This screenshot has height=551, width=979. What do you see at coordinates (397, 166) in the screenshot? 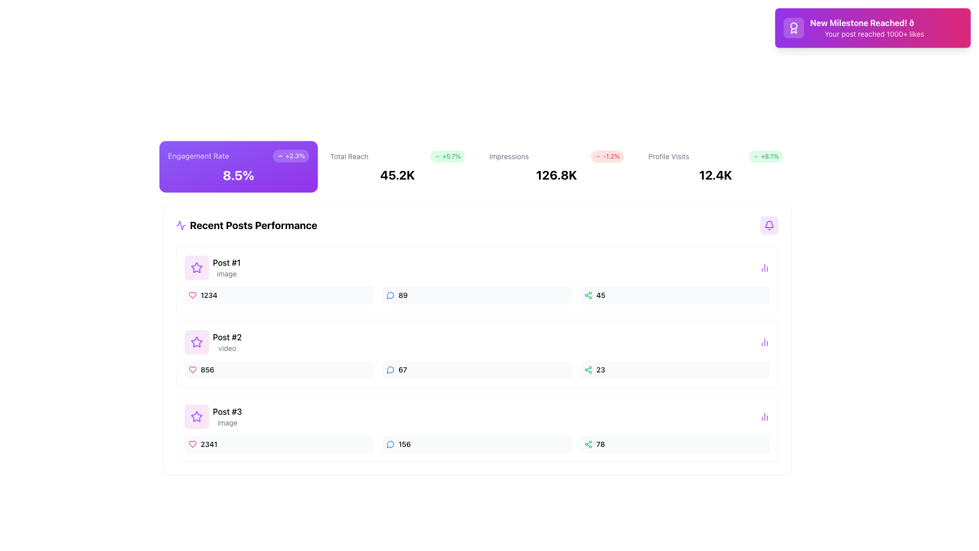
I see `the 'Total Reach' metric card, which displays the value '45.2K' with a green badge indicating a positive change ('+5.7%'). This card is the second in a row of four cards, located to the right of the 'Engagement Rate' card` at bounding box center [397, 166].